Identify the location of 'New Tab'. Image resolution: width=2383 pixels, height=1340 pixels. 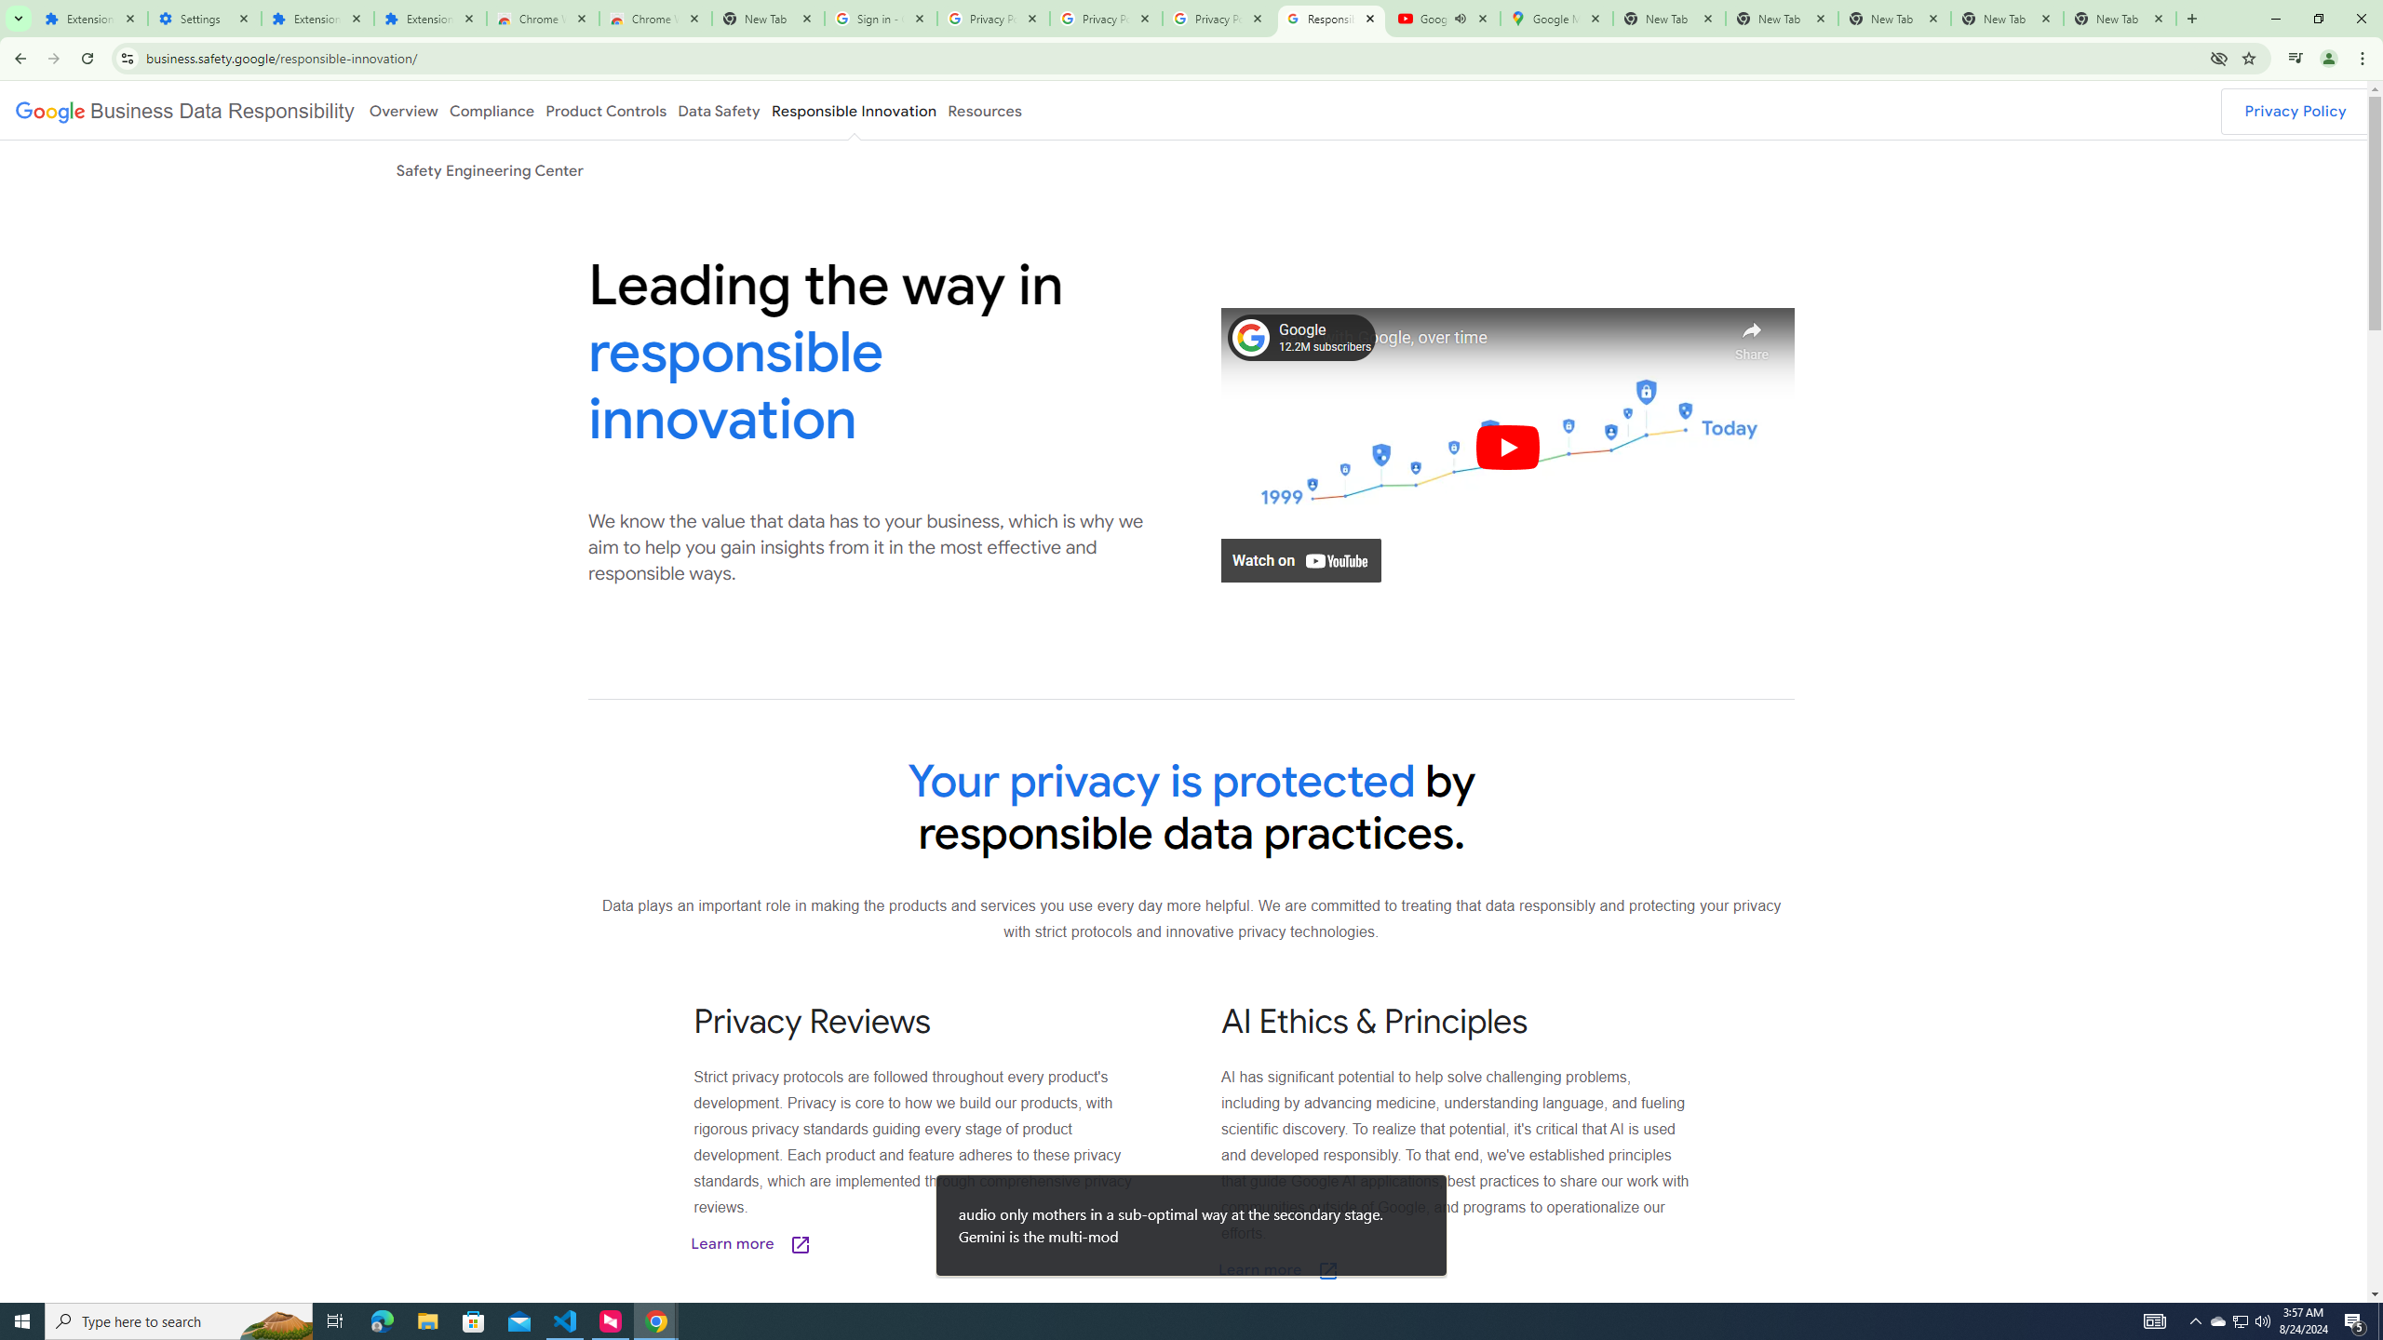
(2119, 18).